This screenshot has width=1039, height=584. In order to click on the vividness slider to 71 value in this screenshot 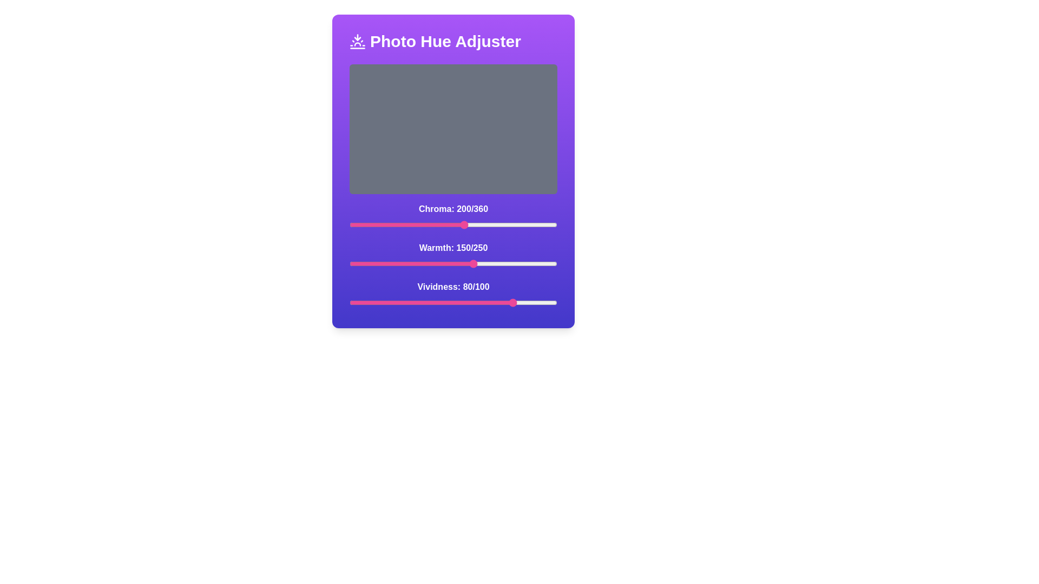, I will do `click(496, 302)`.